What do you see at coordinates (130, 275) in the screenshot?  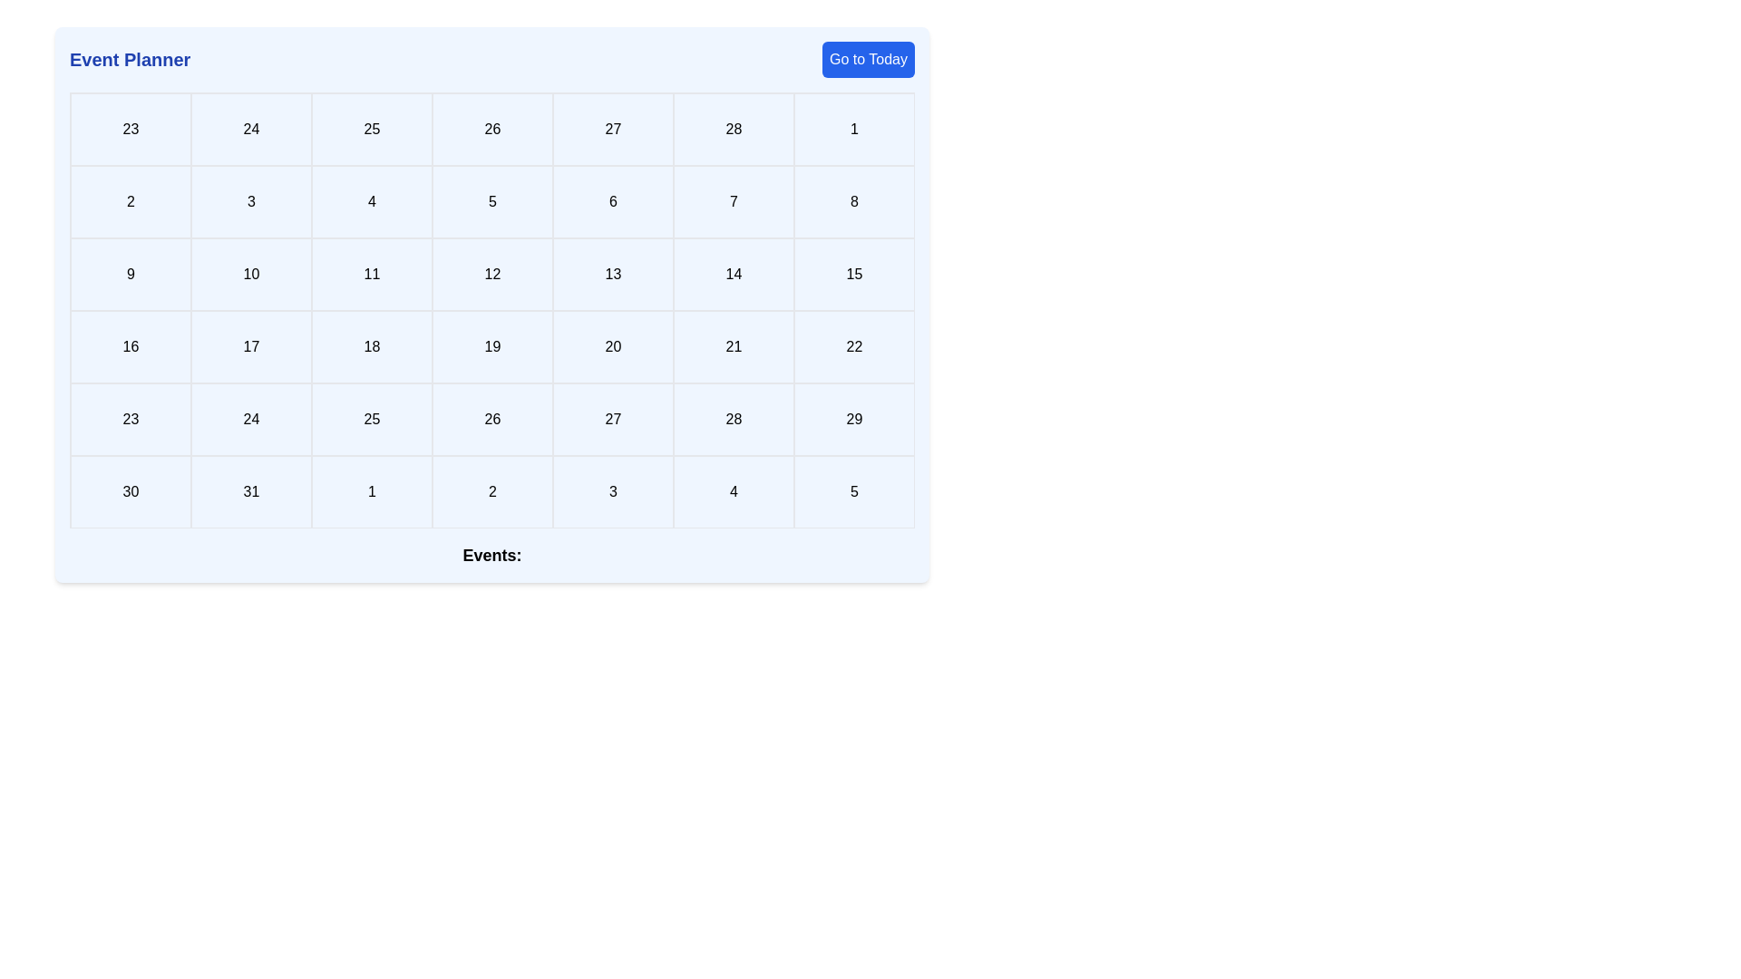 I see `the static text-based grid cell representing the 9th day of the month in the calendar interface` at bounding box center [130, 275].